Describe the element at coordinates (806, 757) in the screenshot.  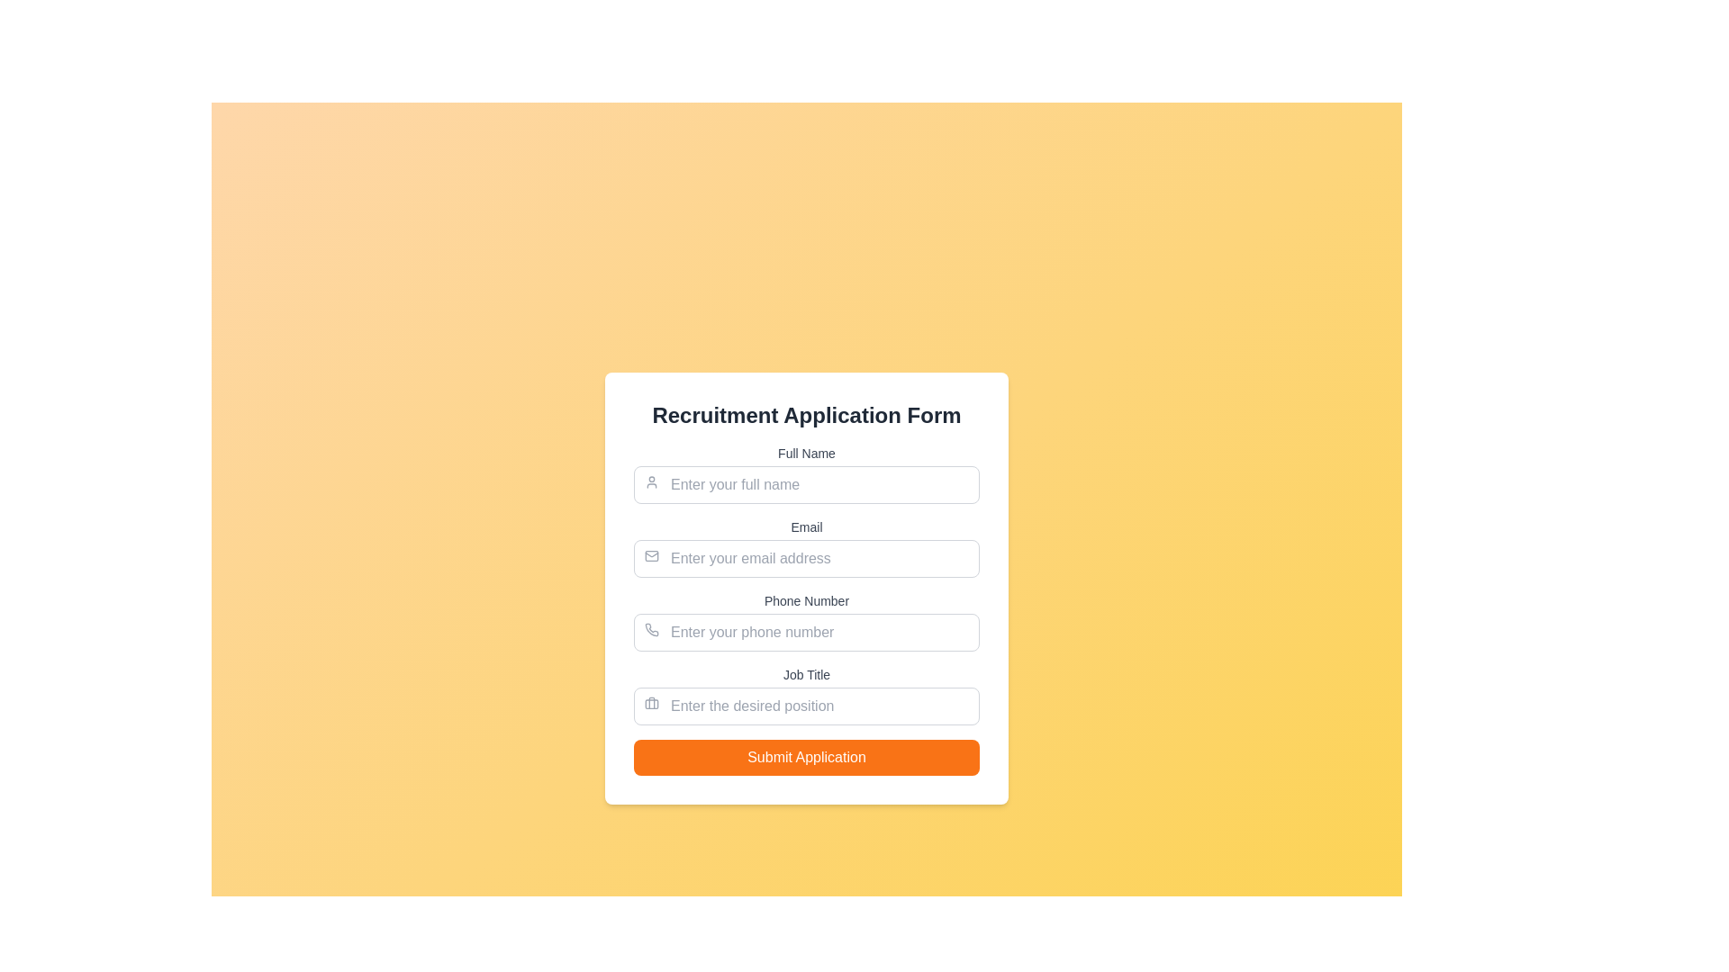
I see `the 'Submit Application' button, which is a bright orange rectangular button with white text` at that location.